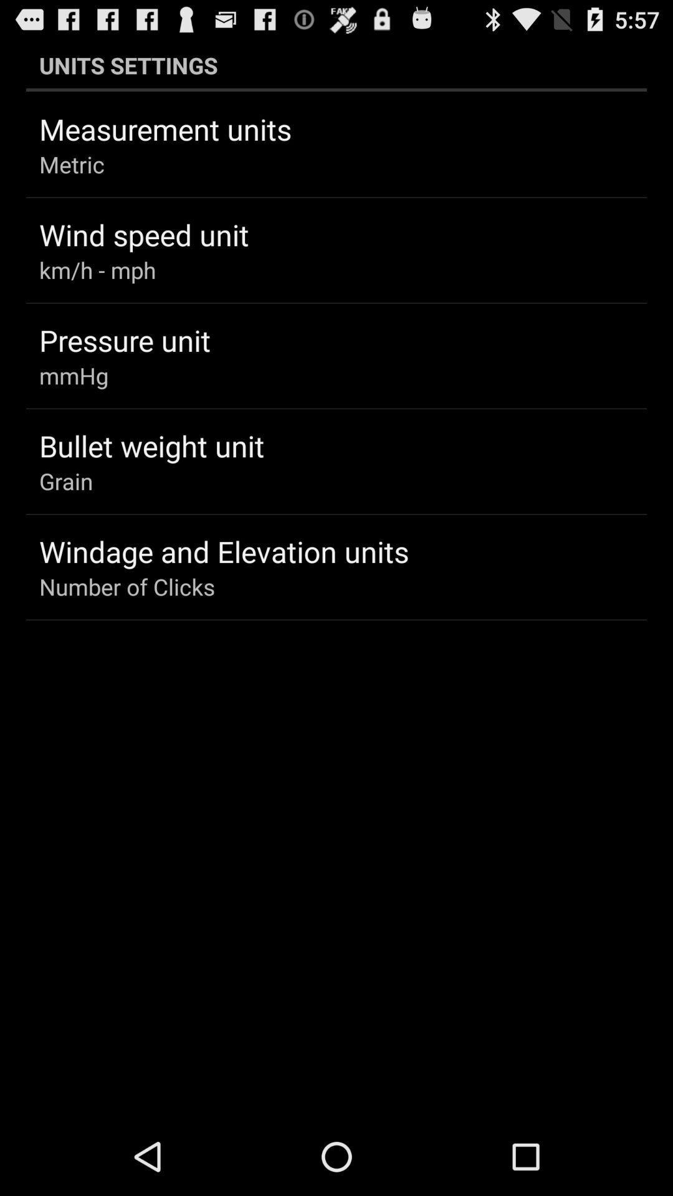  What do you see at coordinates (336, 65) in the screenshot?
I see `the icon above measurement units app` at bounding box center [336, 65].